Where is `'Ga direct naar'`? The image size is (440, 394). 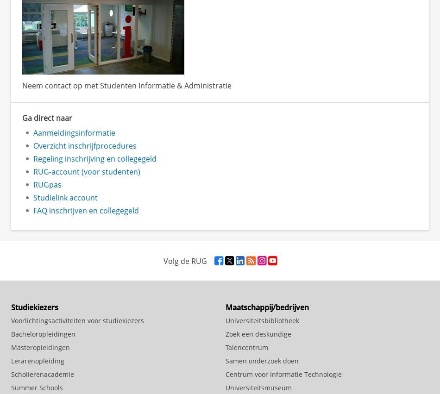
'Ga direct naar' is located at coordinates (47, 117).